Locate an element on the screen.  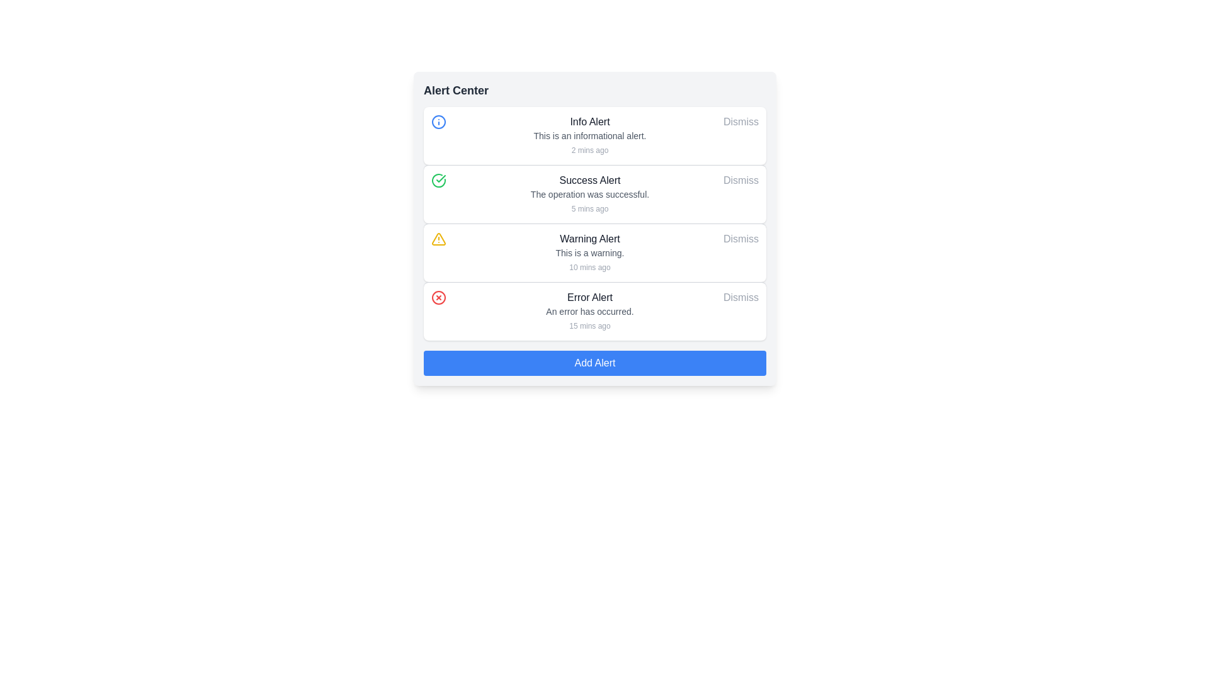
the 'Warning Alert' in the alert list is located at coordinates (594, 229).